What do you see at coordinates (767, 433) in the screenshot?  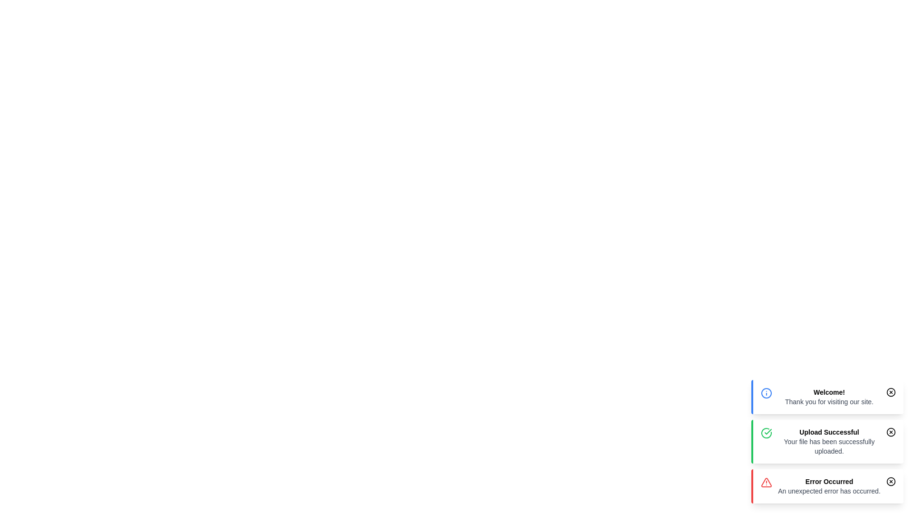 I see `the green circular icon with a checkmark symbol, which is part of the 'Upload Successful' notification panel, positioned on the left side of the text content` at bounding box center [767, 433].